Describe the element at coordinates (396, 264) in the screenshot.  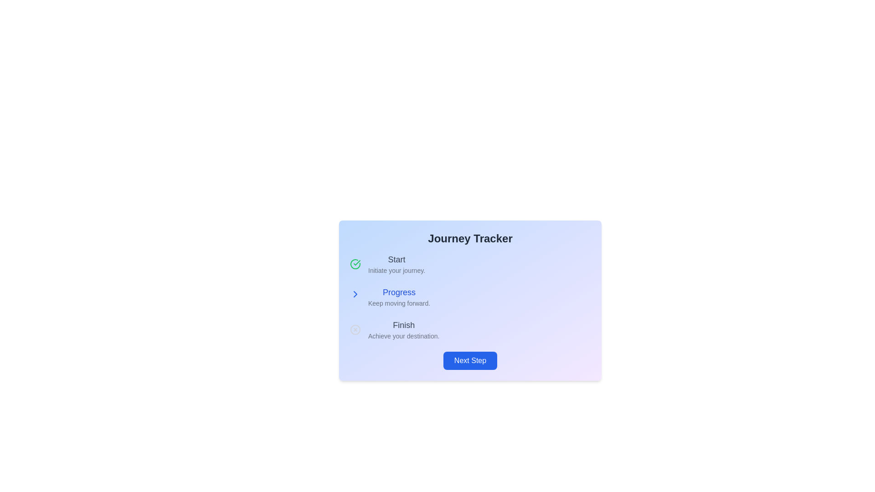
I see `text label 'Start' located at the top-left section of the 'Journey Tracker' card, which initiates the user's journey` at that location.